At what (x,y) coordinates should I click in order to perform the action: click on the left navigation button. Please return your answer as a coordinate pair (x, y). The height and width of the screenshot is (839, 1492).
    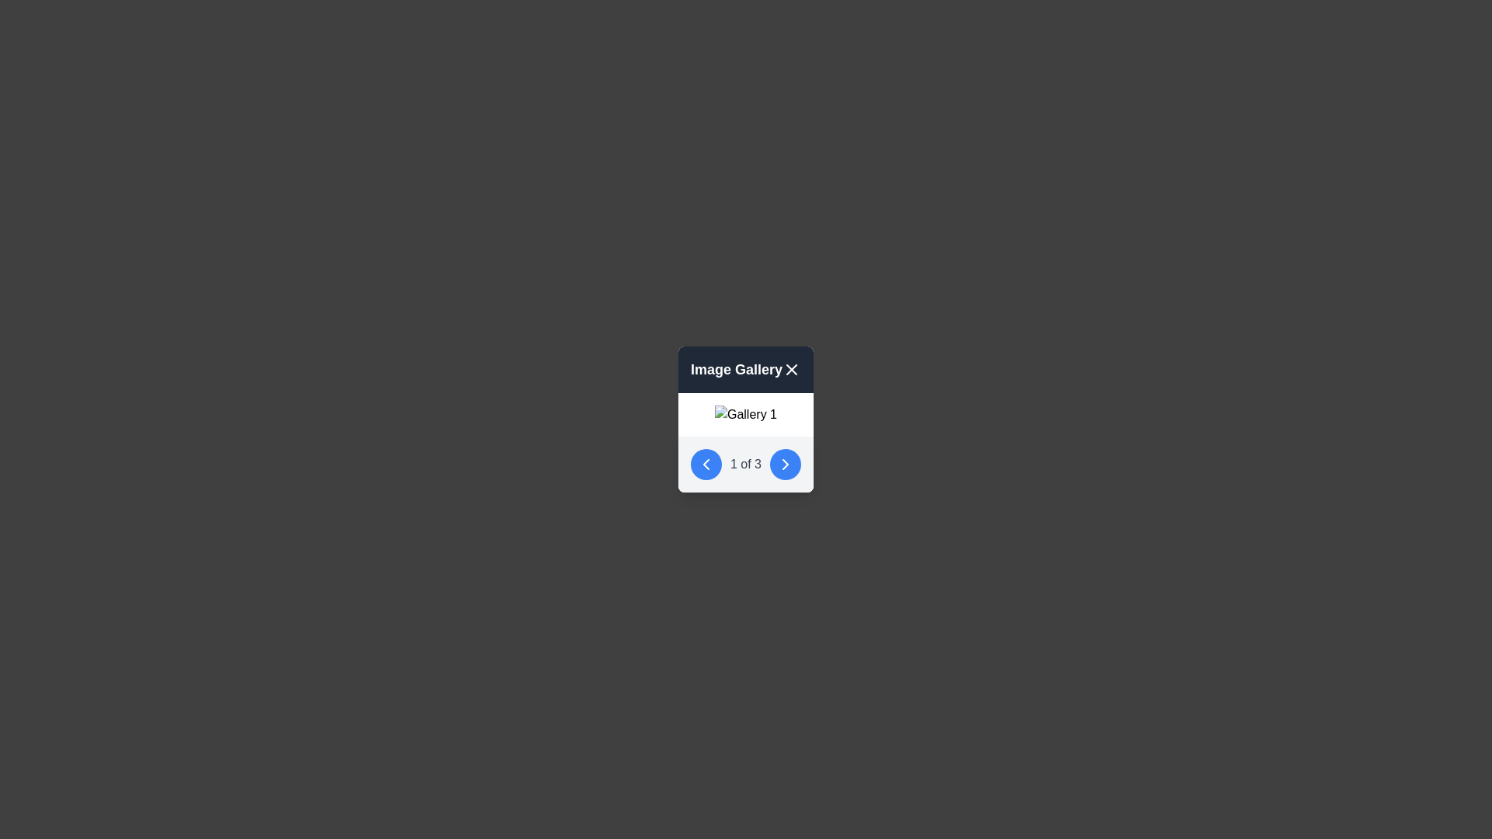
    Looking at the image, I should click on (705, 463).